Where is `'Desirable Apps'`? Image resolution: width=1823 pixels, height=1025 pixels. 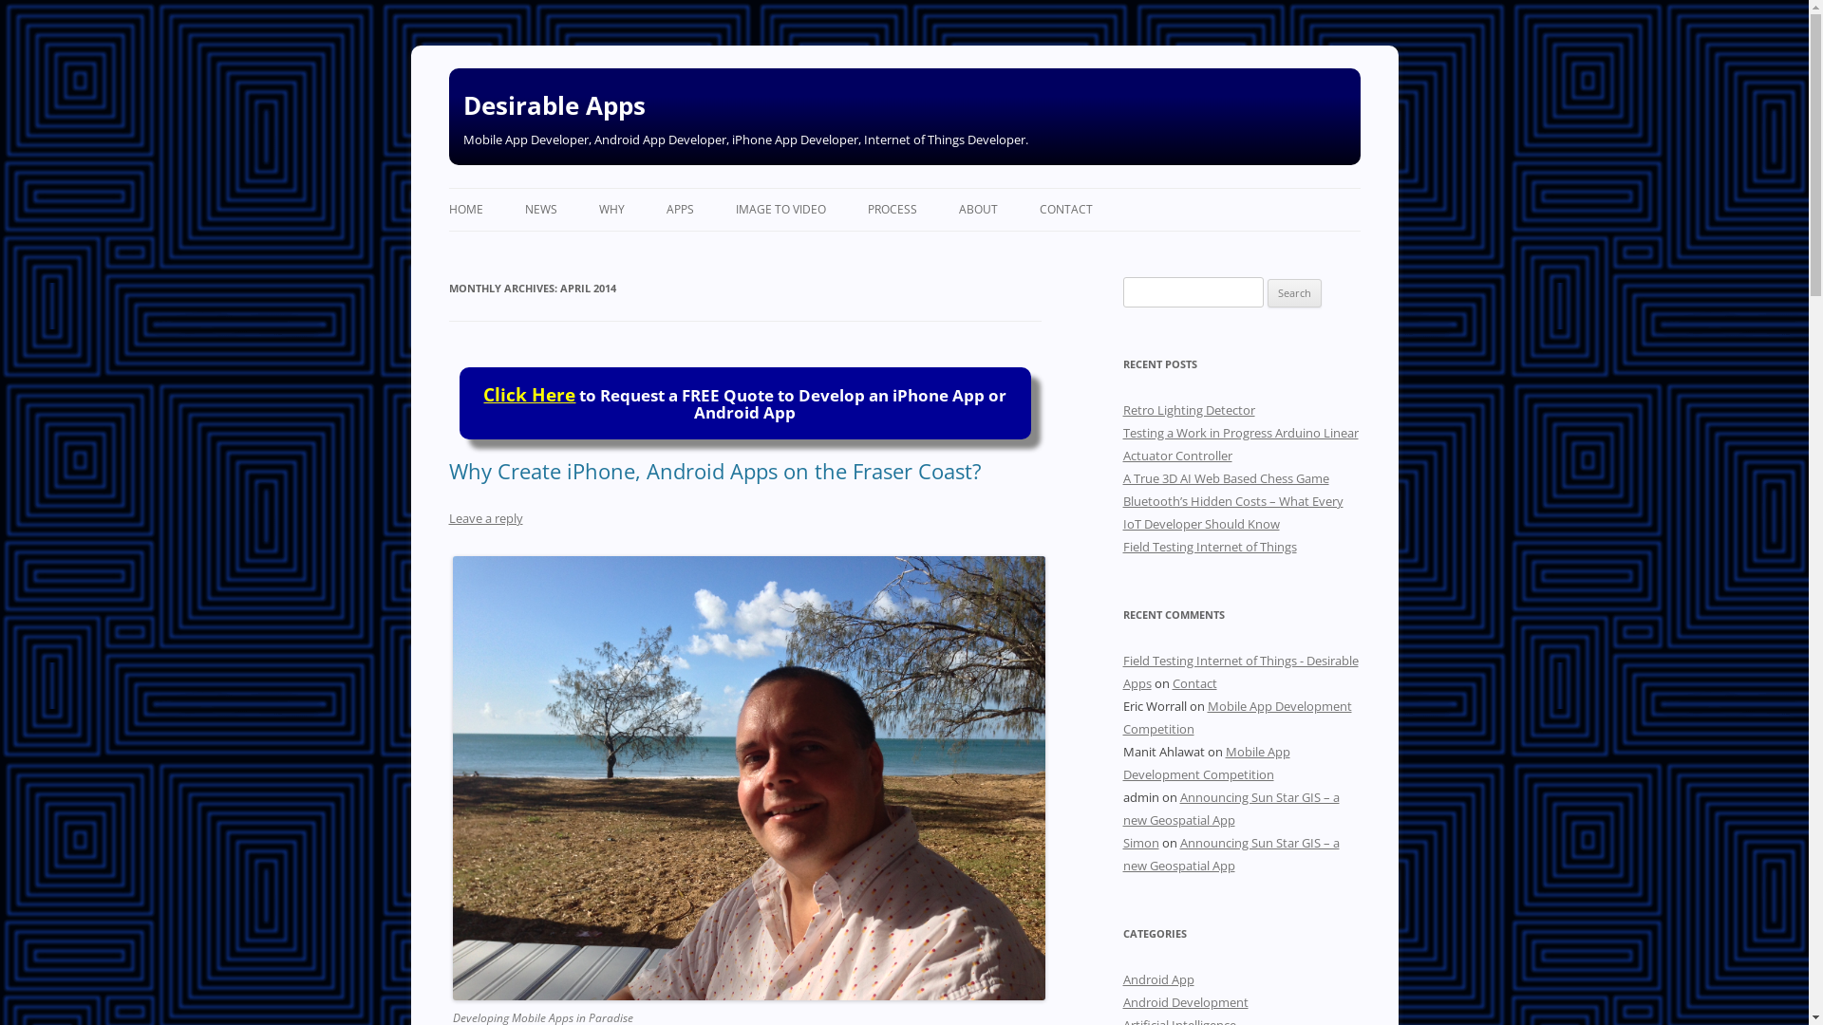 'Desirable Apps' is located at coordinates (554, 105).